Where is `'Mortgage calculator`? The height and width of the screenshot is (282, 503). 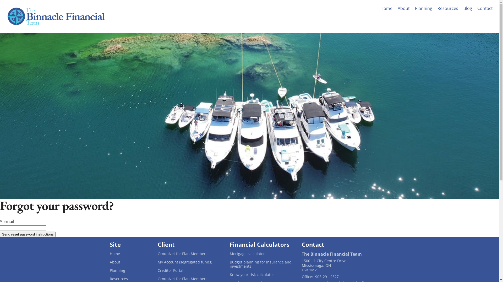 'Mortgage calculator is located at coordinates (261, 254).